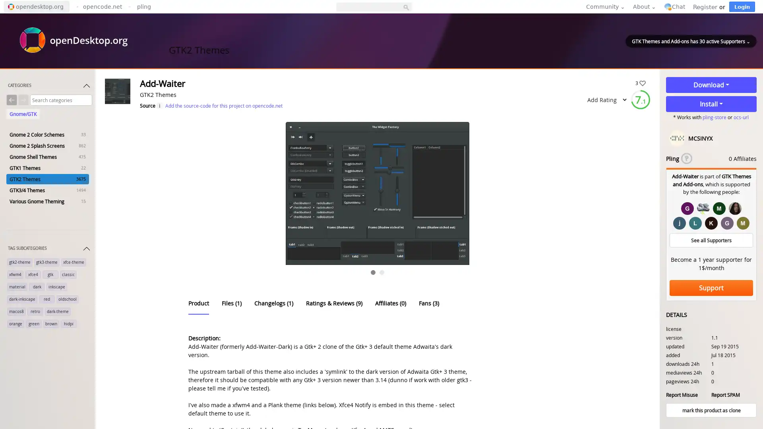 The image size is (763, 429). I want to click on Support, so click(711, 288).